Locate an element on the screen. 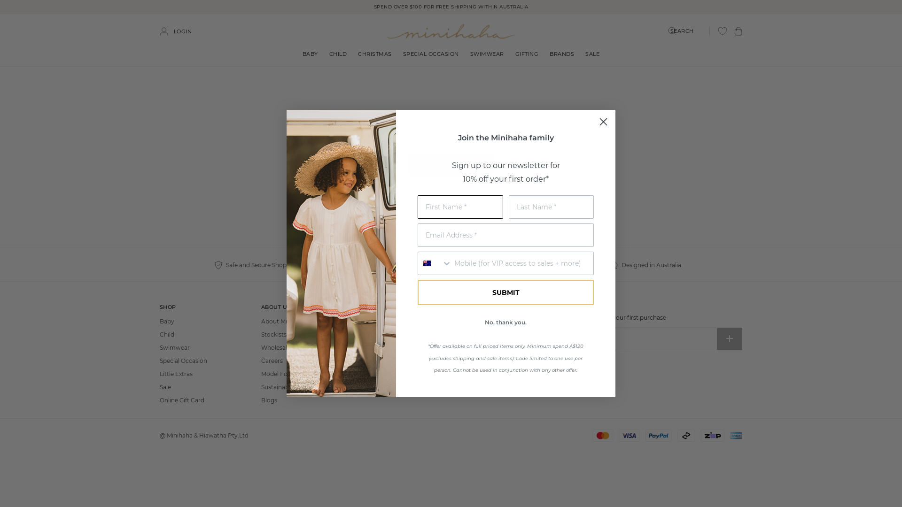 The height and width of the screenshot is (507, 902). 'Stockists' is located at coordinates (273, 334).